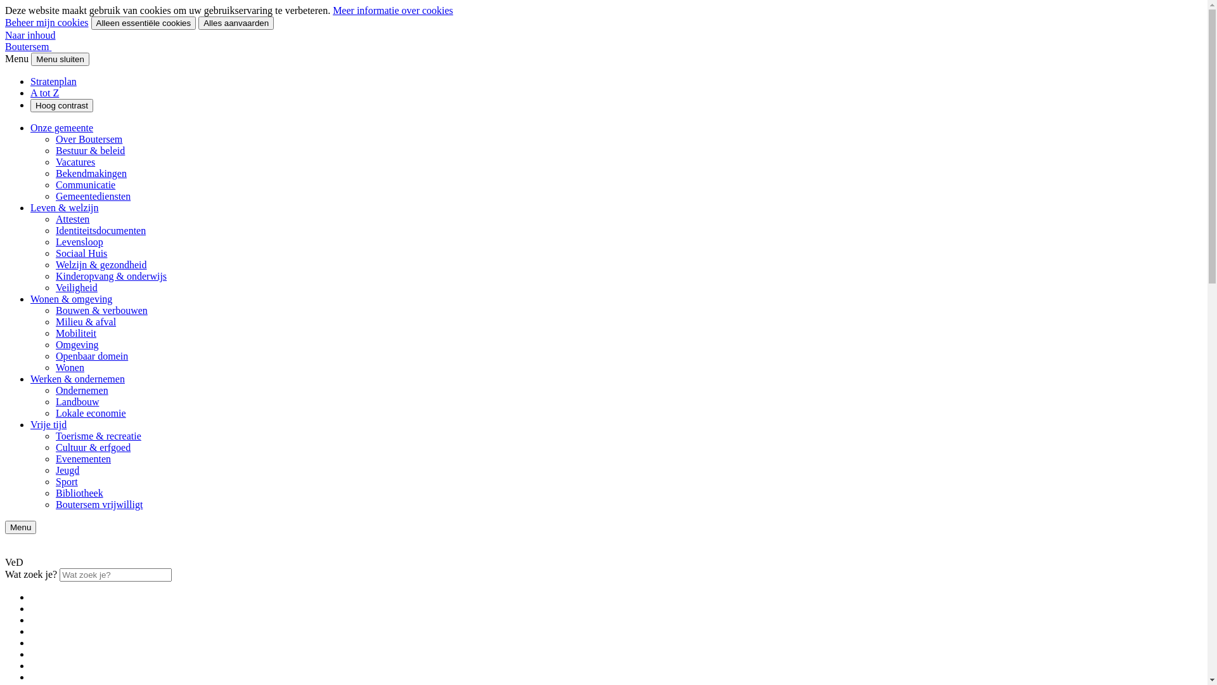 The image size is (1217, 685). What do you see at coordinates (111, 275) in the screenshot?
I see `'Kinderopvang & onderwijs'` at bounding box center [111, 275].